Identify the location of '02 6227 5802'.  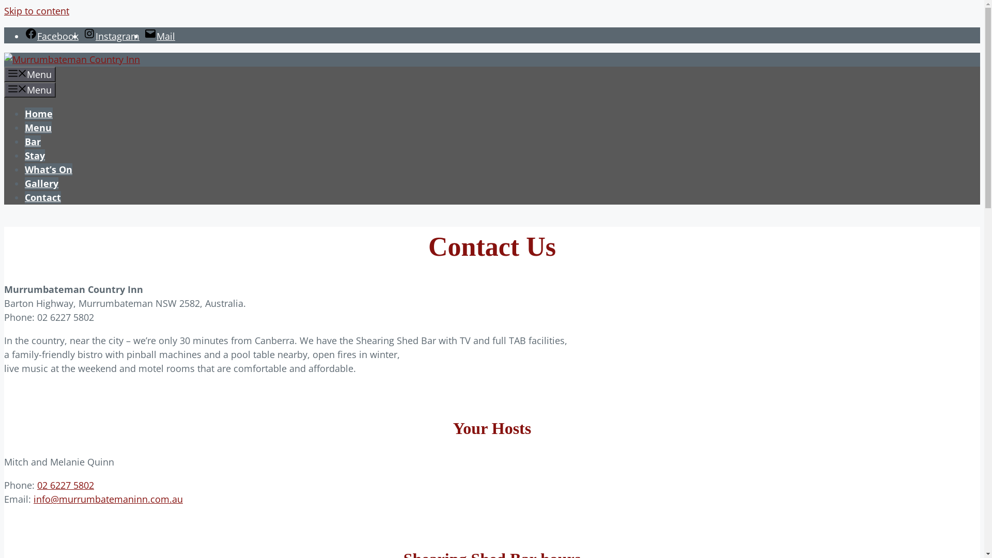
(65, 485).